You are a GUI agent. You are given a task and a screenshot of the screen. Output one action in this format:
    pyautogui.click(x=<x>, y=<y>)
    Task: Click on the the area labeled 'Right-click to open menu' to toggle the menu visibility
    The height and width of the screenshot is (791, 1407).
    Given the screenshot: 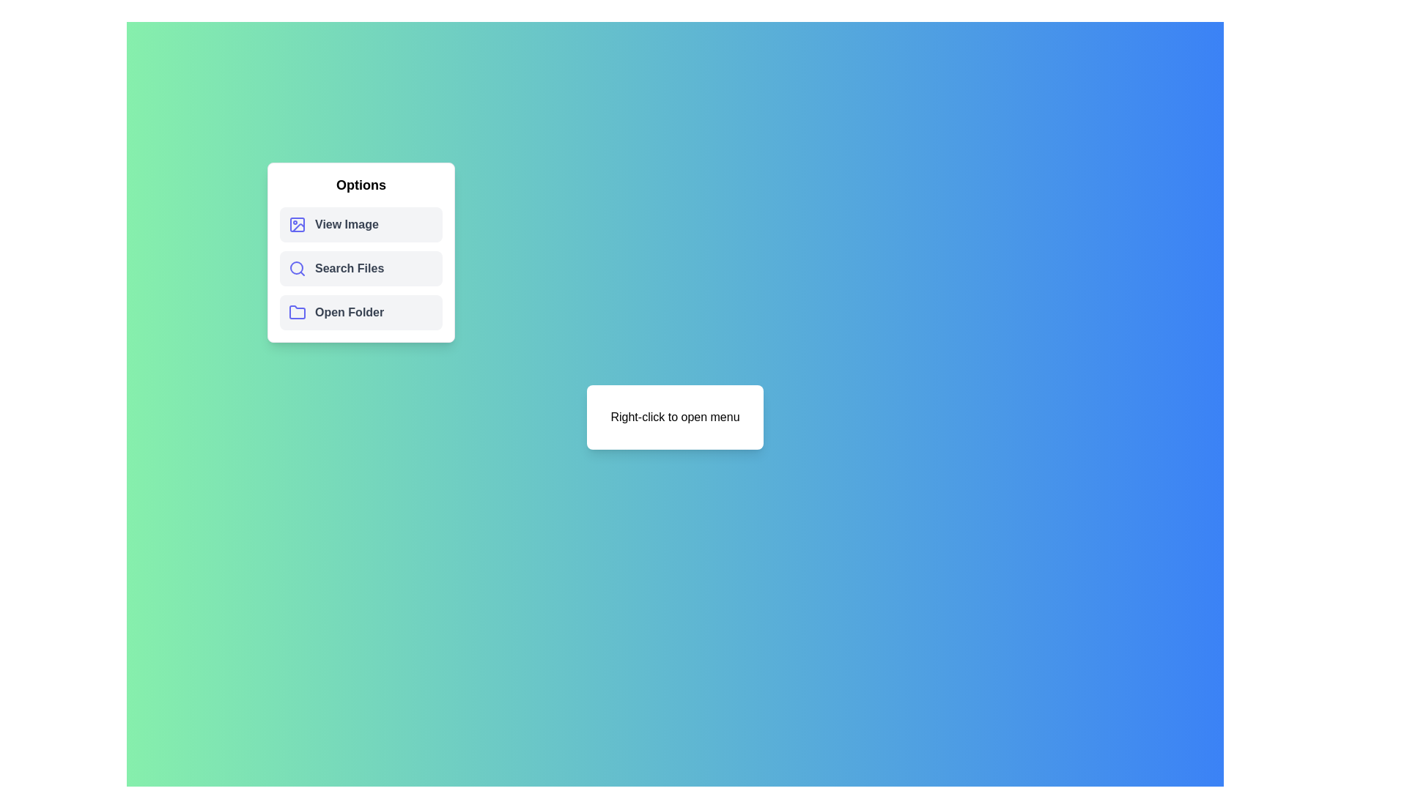 What is the action you would take?
    pyautogui.click(x=674, y=417)
    